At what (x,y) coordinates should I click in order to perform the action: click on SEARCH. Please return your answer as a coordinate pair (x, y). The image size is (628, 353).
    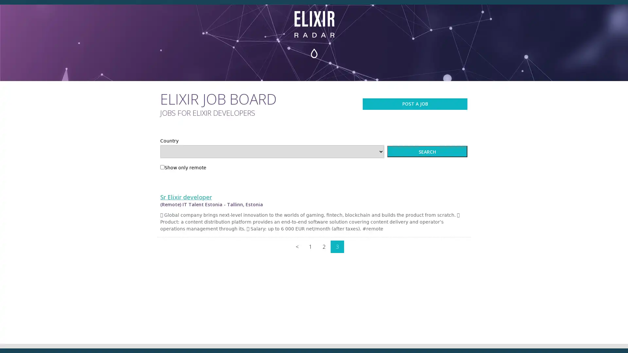
    Looking at the image, I should click on (427, 151).